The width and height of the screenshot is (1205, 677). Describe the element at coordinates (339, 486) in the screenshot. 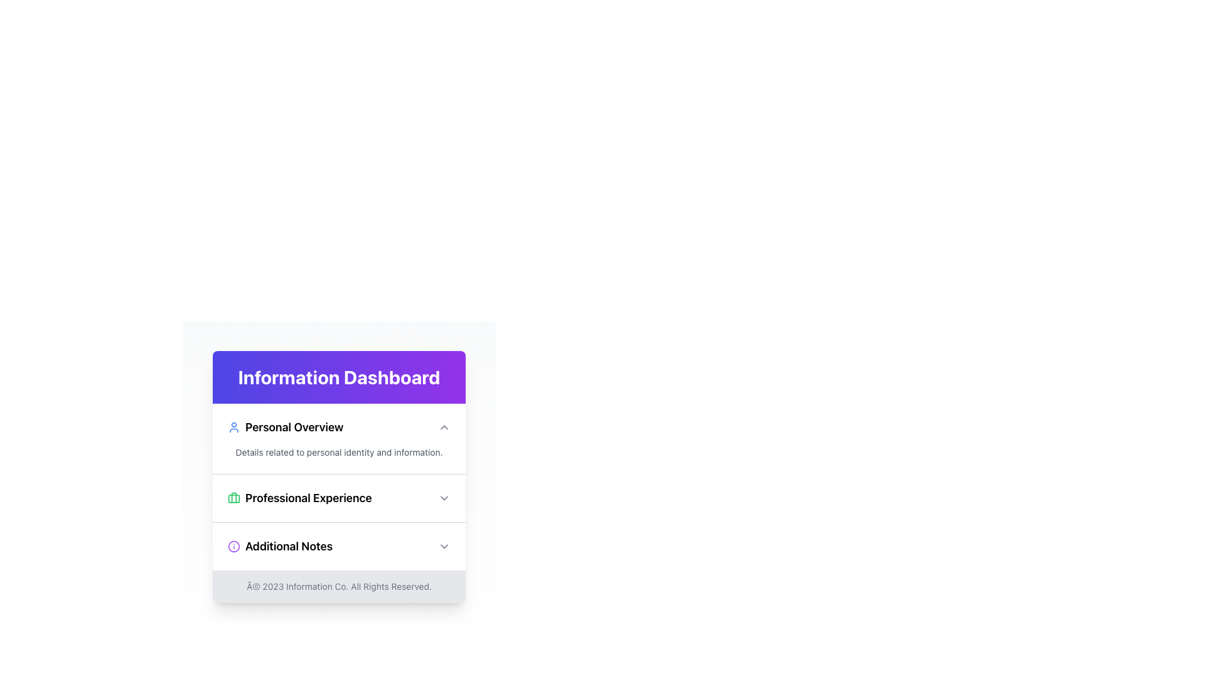

I see `the 'Professional Experience' section header` at that location.